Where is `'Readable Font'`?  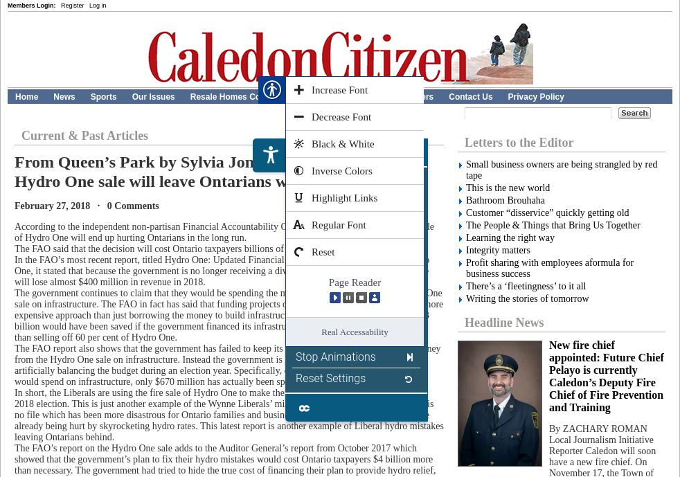 'Readable Font' is located at coordinates (330, 224).